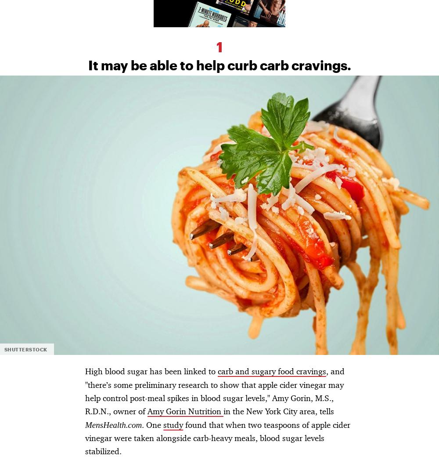 The image size is (439, 463). Describe the element at coordinates (22, 281) in the screenshot. I see `'Cookies Choices'` at that location.